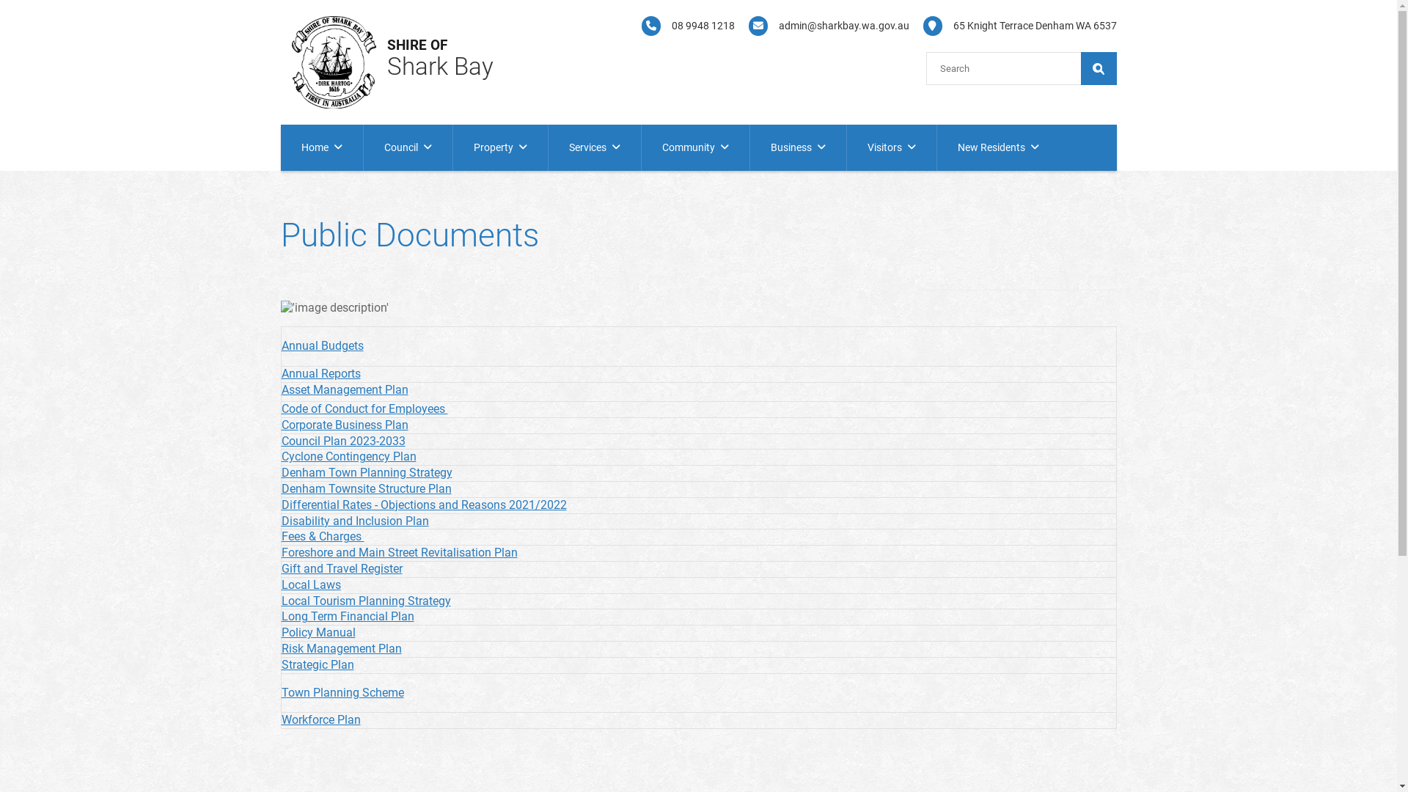 This screenshot has height=792, width=1408. What do you see at coordinates (694, 147) in the screenshot?
I see `'Community'` at bounding box center [694, 147].